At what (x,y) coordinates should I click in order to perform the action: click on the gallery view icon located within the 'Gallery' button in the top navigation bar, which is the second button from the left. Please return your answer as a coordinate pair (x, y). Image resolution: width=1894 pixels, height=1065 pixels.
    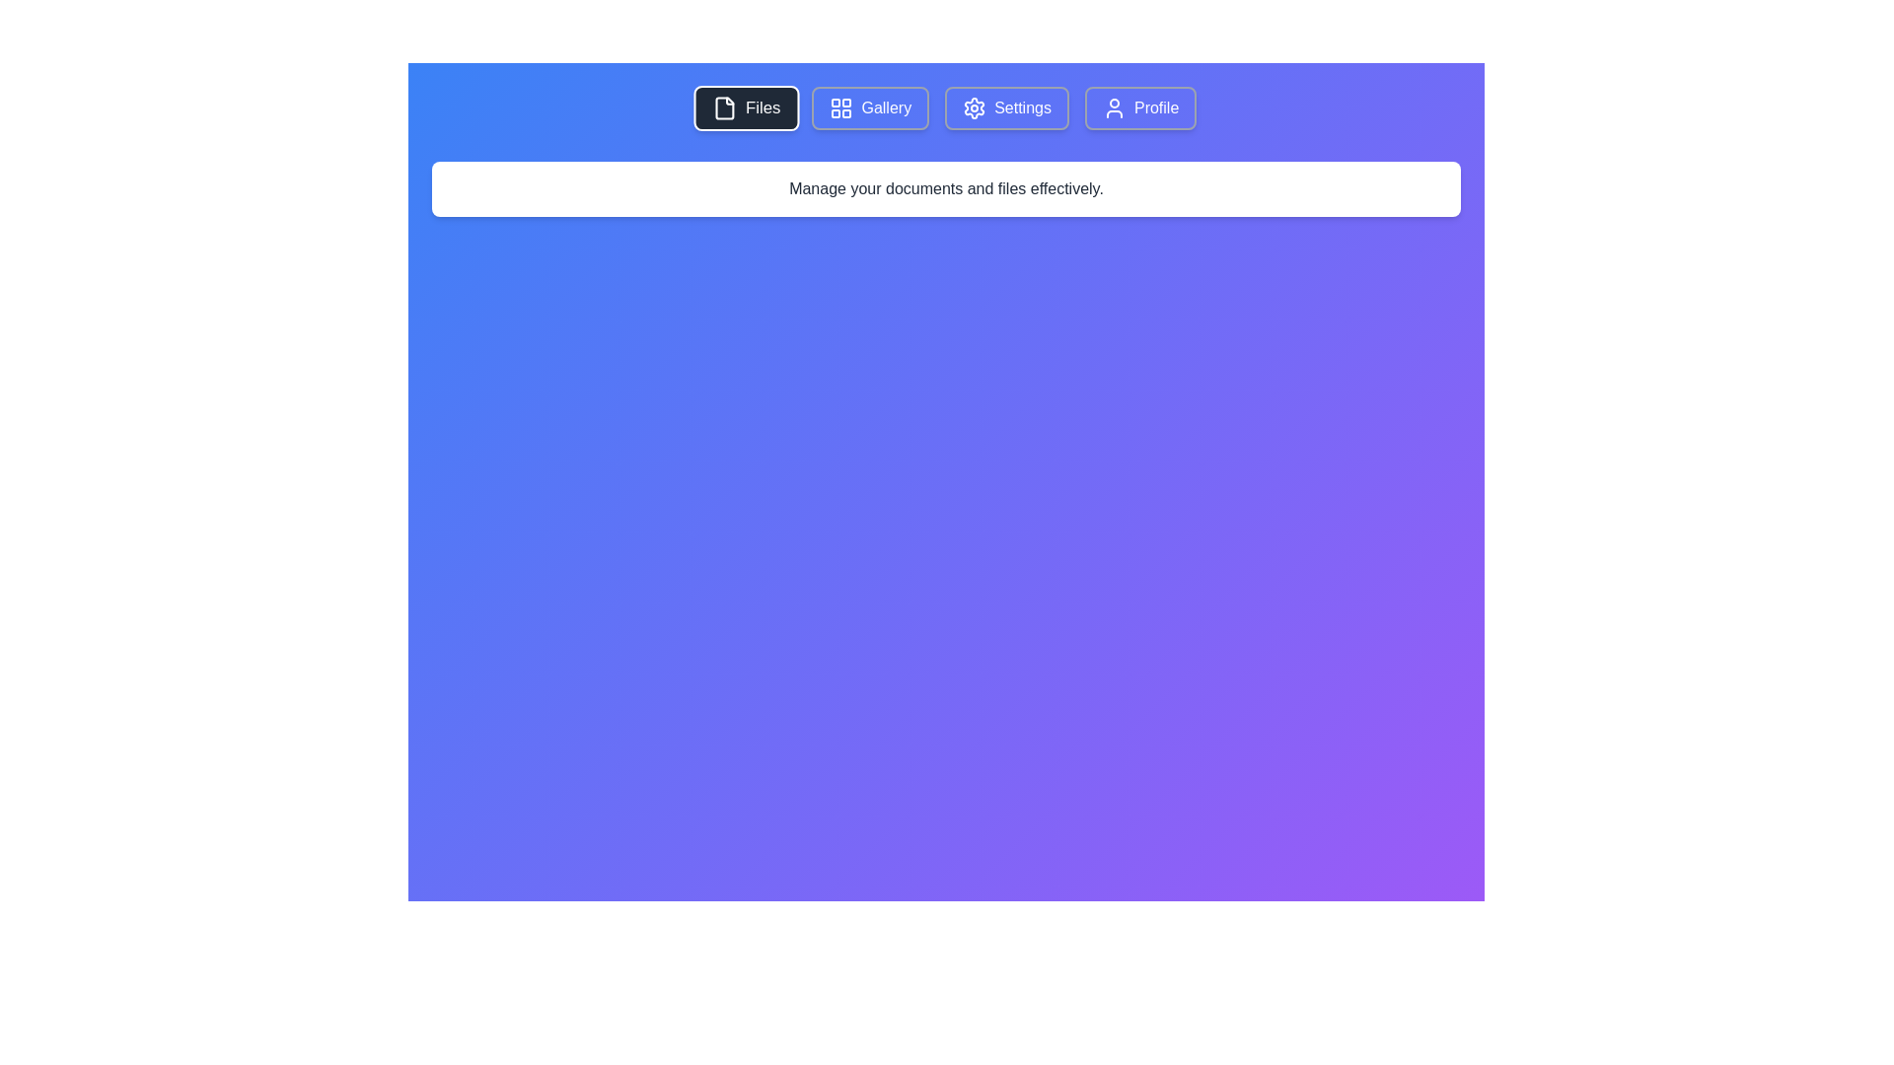
    Looking at the image, I should click on (841, 108).